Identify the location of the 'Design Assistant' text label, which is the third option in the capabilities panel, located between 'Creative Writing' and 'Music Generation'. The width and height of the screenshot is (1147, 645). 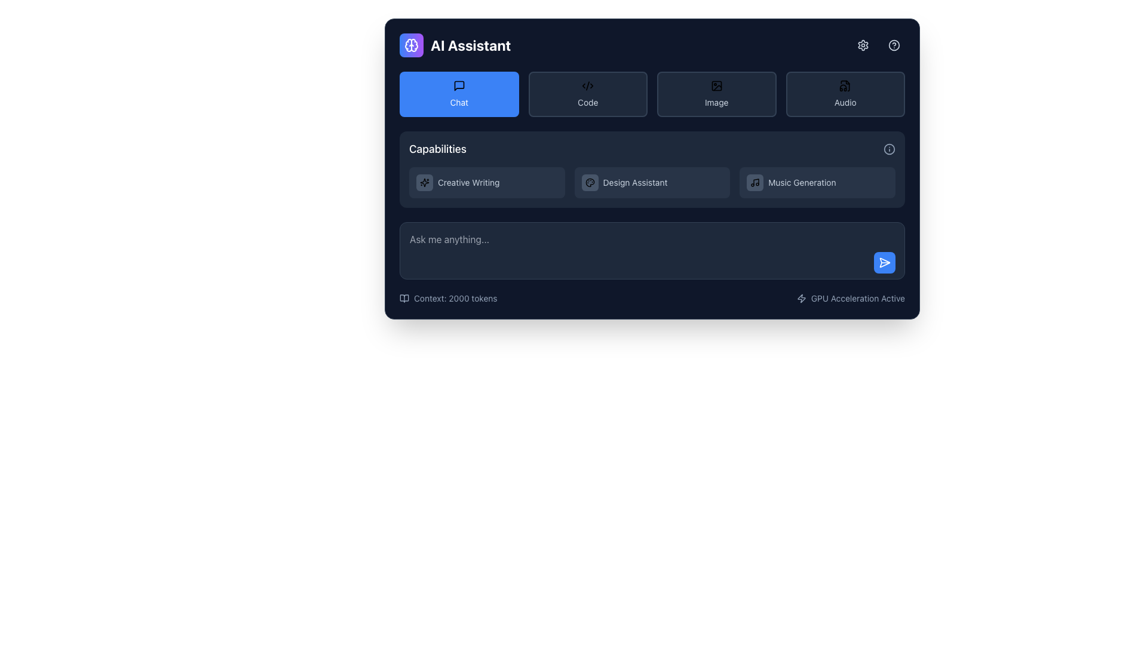
(634, 182).